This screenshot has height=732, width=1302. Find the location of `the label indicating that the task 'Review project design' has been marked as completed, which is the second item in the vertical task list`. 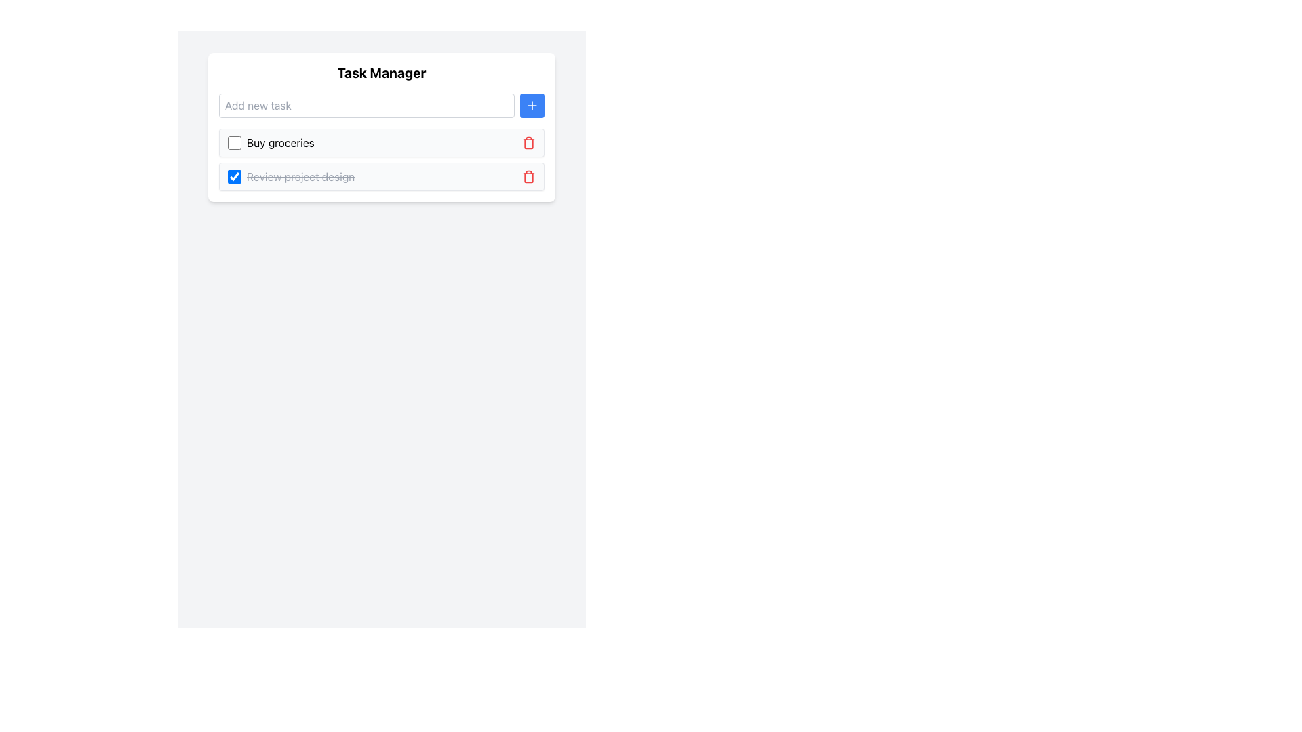

the label indicating that the task 'Review project design' has been marked as completed, which is the second item in the vertical task list is located at coordinates (290, 176).